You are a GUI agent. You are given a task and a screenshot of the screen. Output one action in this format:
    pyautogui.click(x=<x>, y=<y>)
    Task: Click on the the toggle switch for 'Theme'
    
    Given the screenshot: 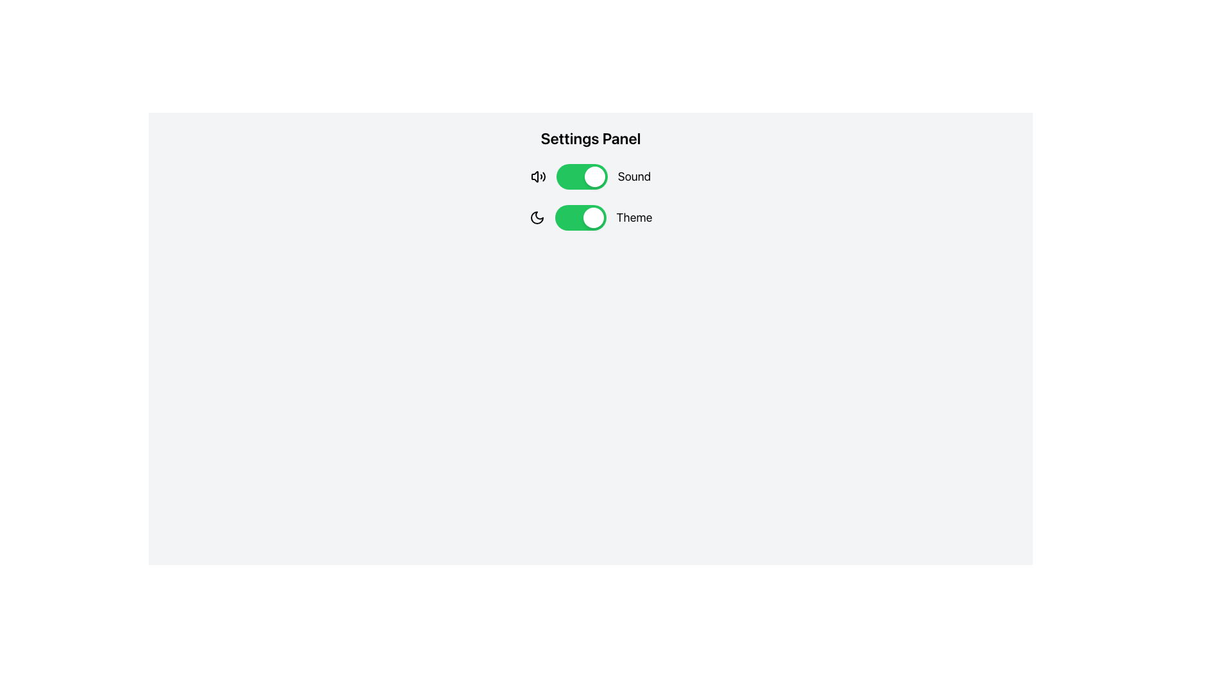 What is the action you would take?
    pyautogui.click(x=580, y=217)
    